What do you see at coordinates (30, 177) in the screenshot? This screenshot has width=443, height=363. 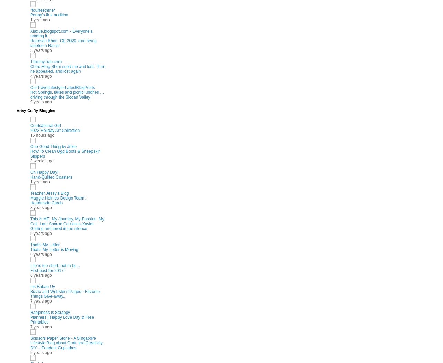 I see `'Hand-Quilted Coasters'` at bounding box center [30, 177].